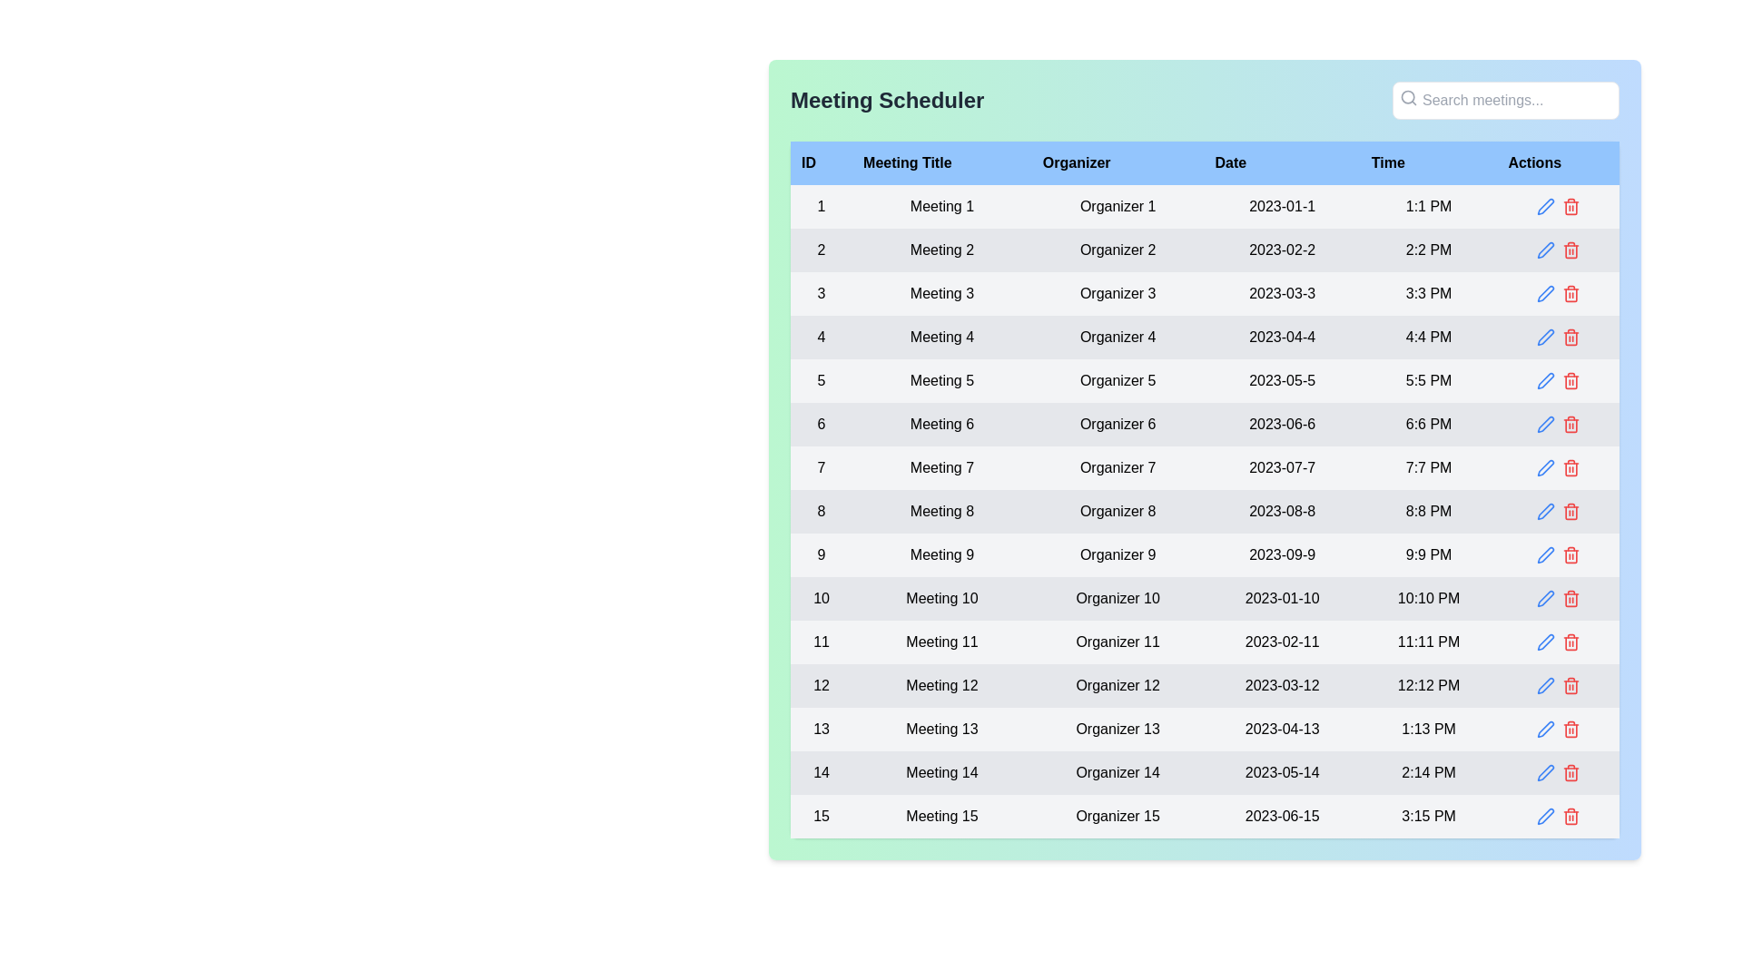 The height and width of the screenshot is (980, 1743). I want to click on the delete button icon located in the Actions column of the row corresponding to 'Meeting 10', so click(1570, 598).